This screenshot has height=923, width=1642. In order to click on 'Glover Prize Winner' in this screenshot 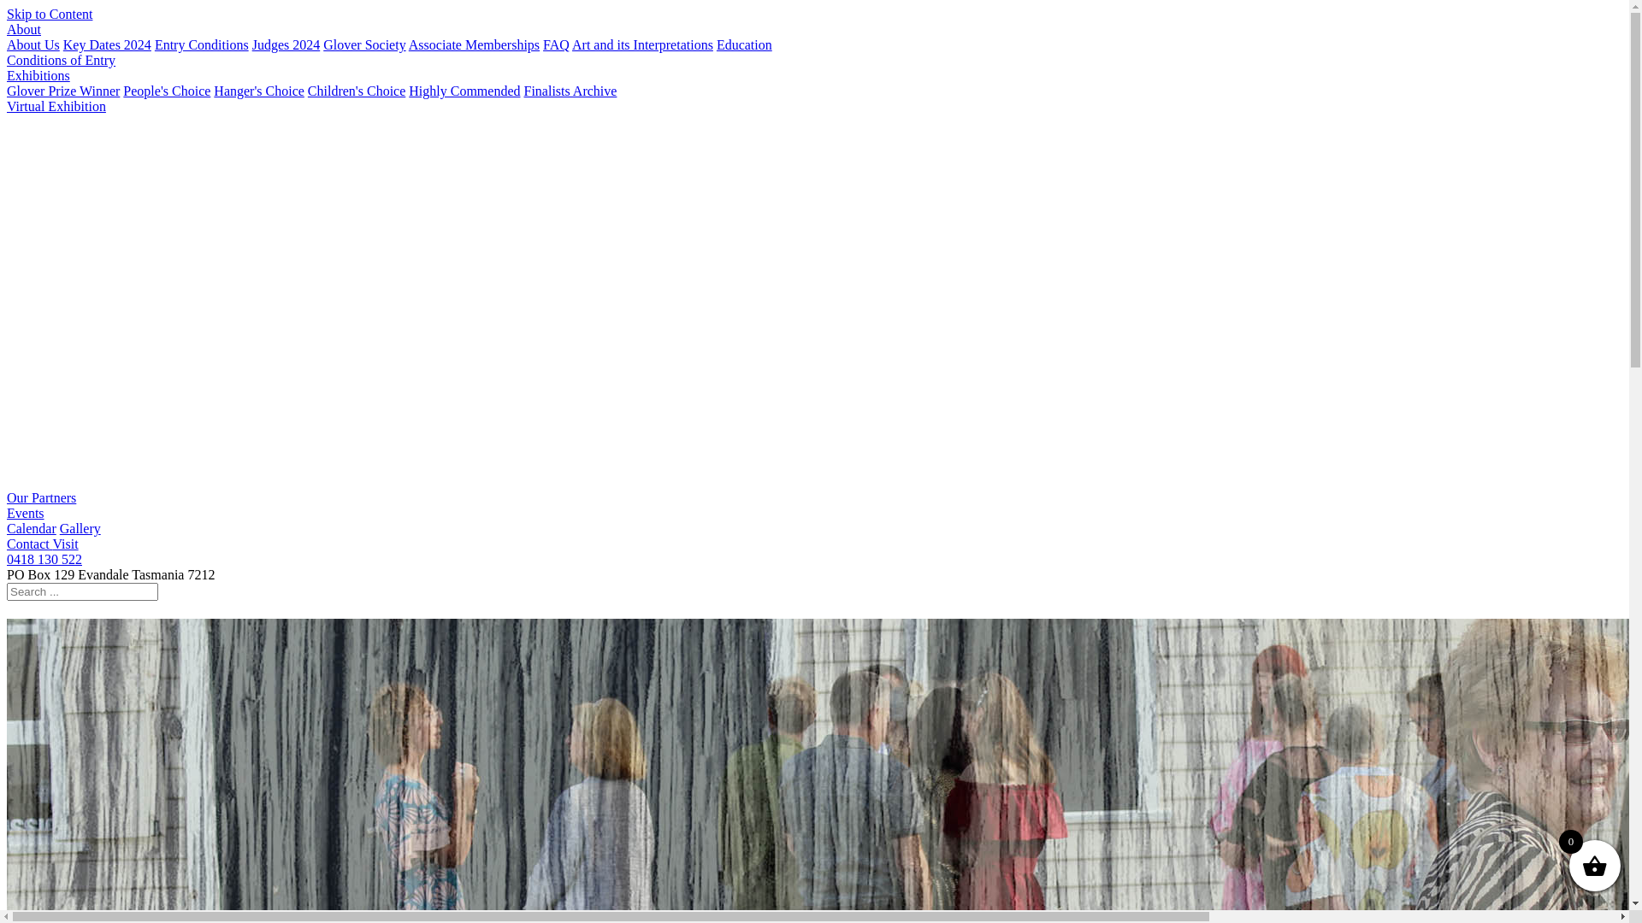, I will do `click(62, 91)`.